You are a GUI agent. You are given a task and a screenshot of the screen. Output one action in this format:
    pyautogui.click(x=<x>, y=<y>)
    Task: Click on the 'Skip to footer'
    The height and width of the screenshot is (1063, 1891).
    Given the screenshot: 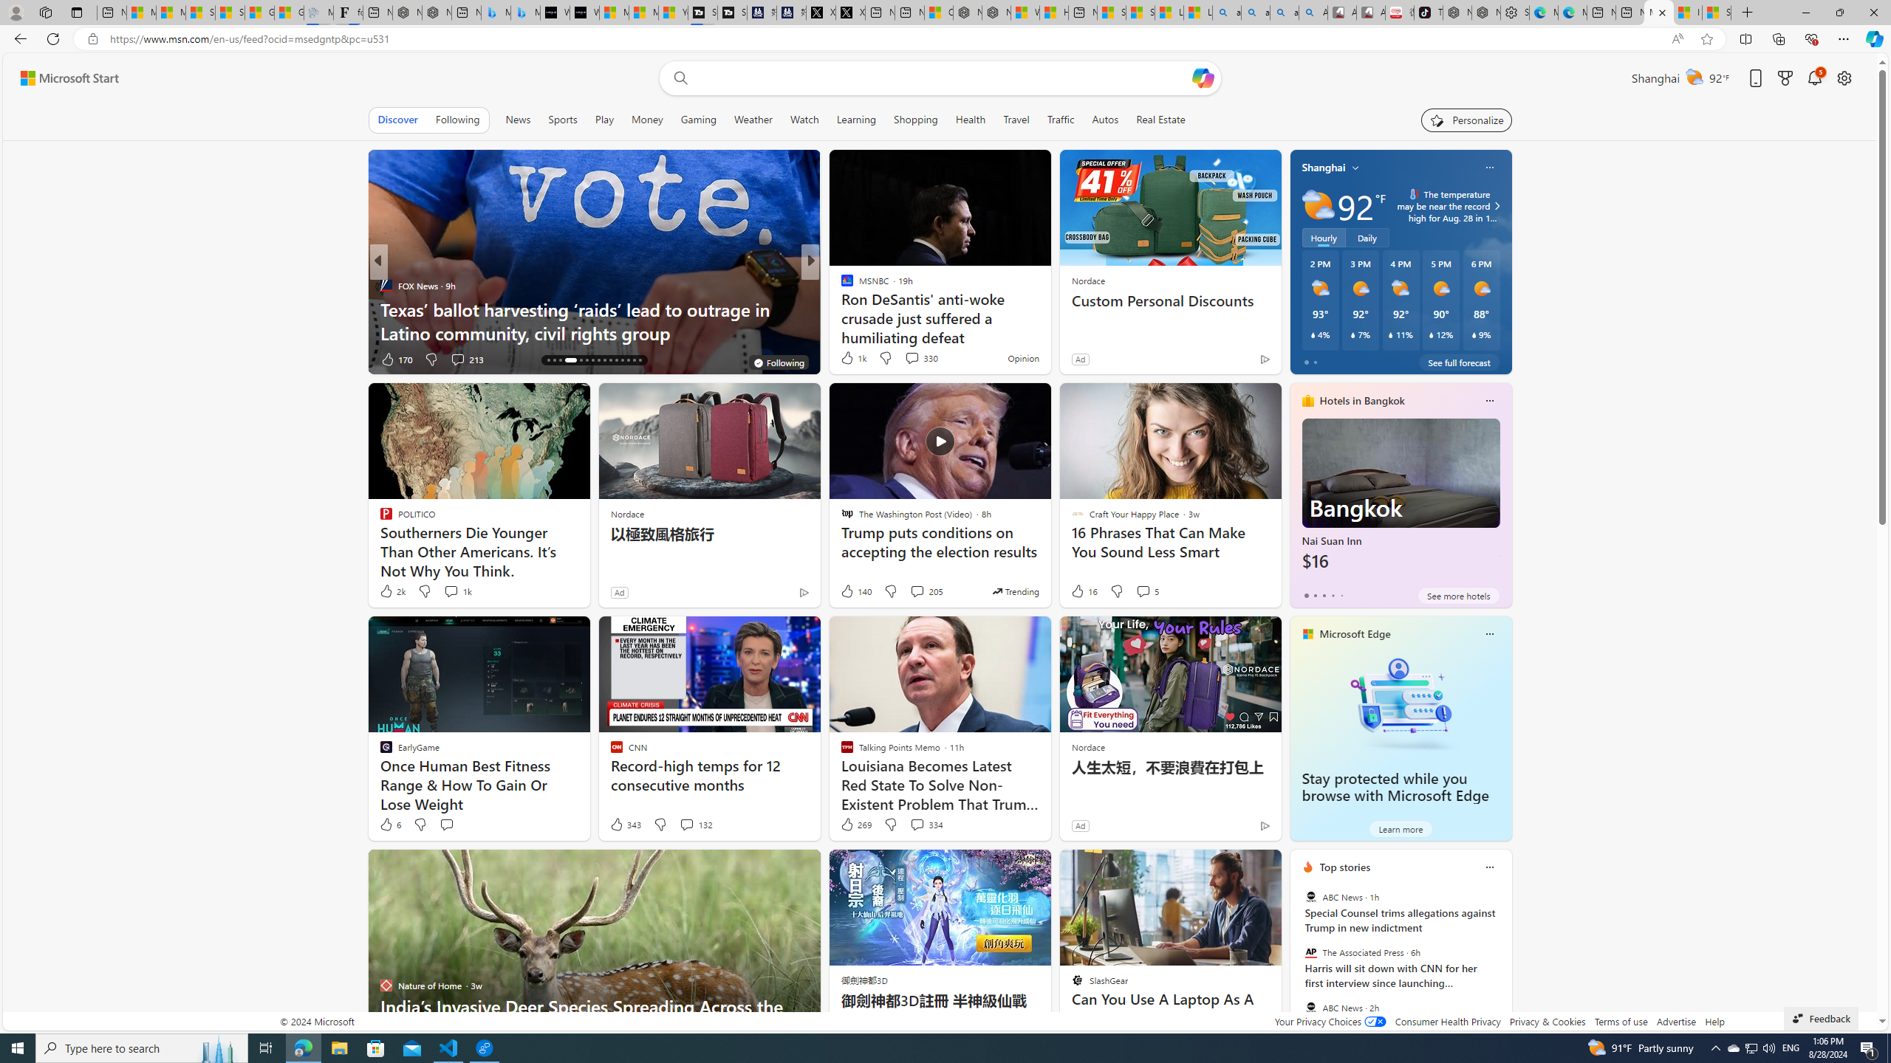 What is the action you would take?
    pyautogui.click(x=60, y=77)
    